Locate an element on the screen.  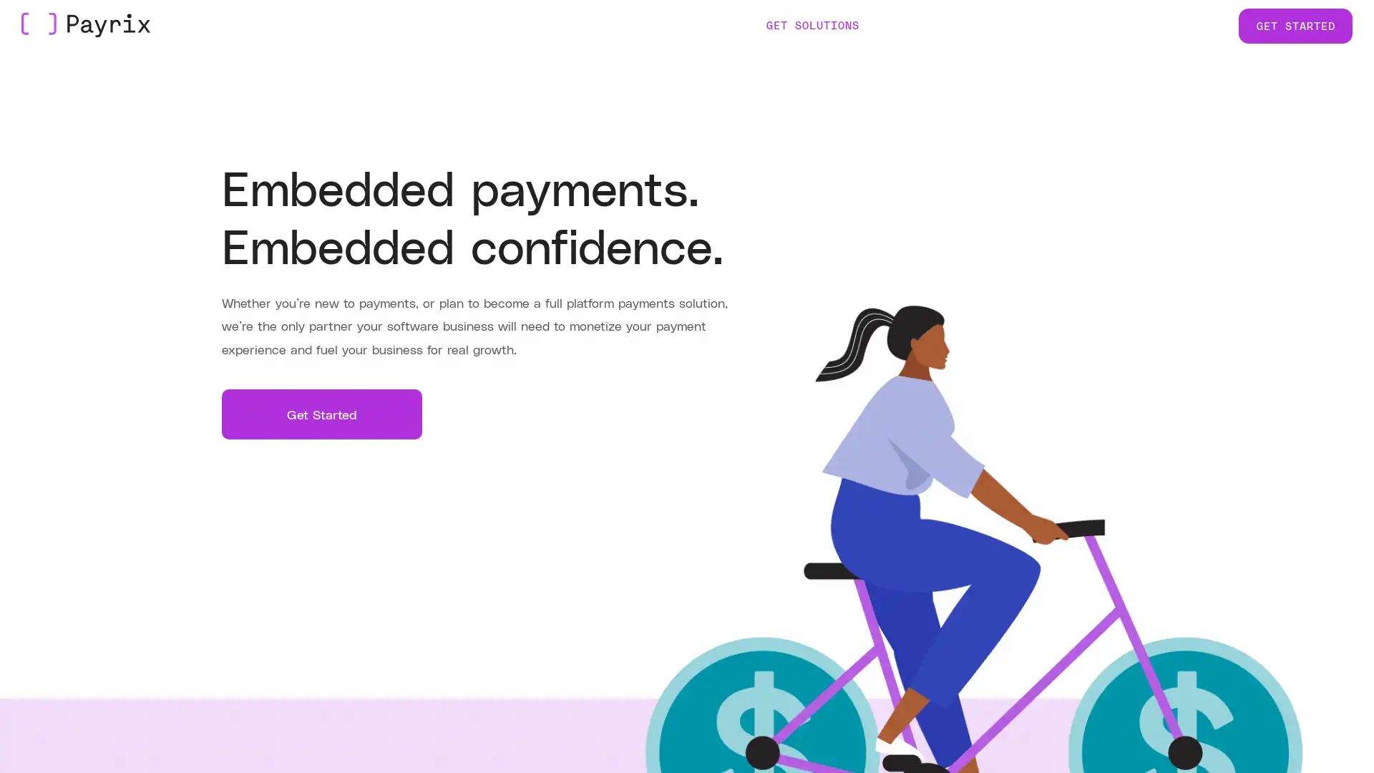
Skip to Main Content is located at coordinates (14, 14).